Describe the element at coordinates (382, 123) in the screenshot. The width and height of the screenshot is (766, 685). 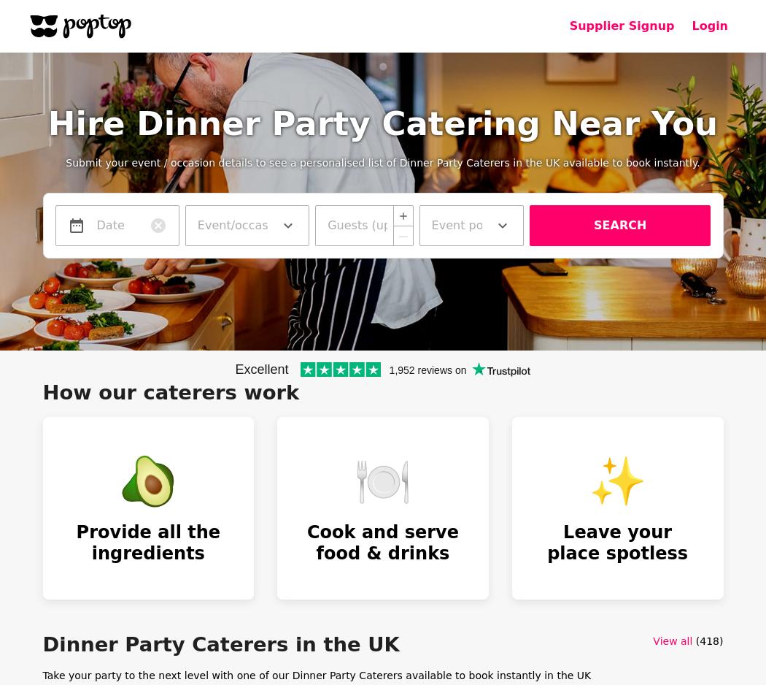
I see `'Hire Dinner Party Catering Near You'` at that location.